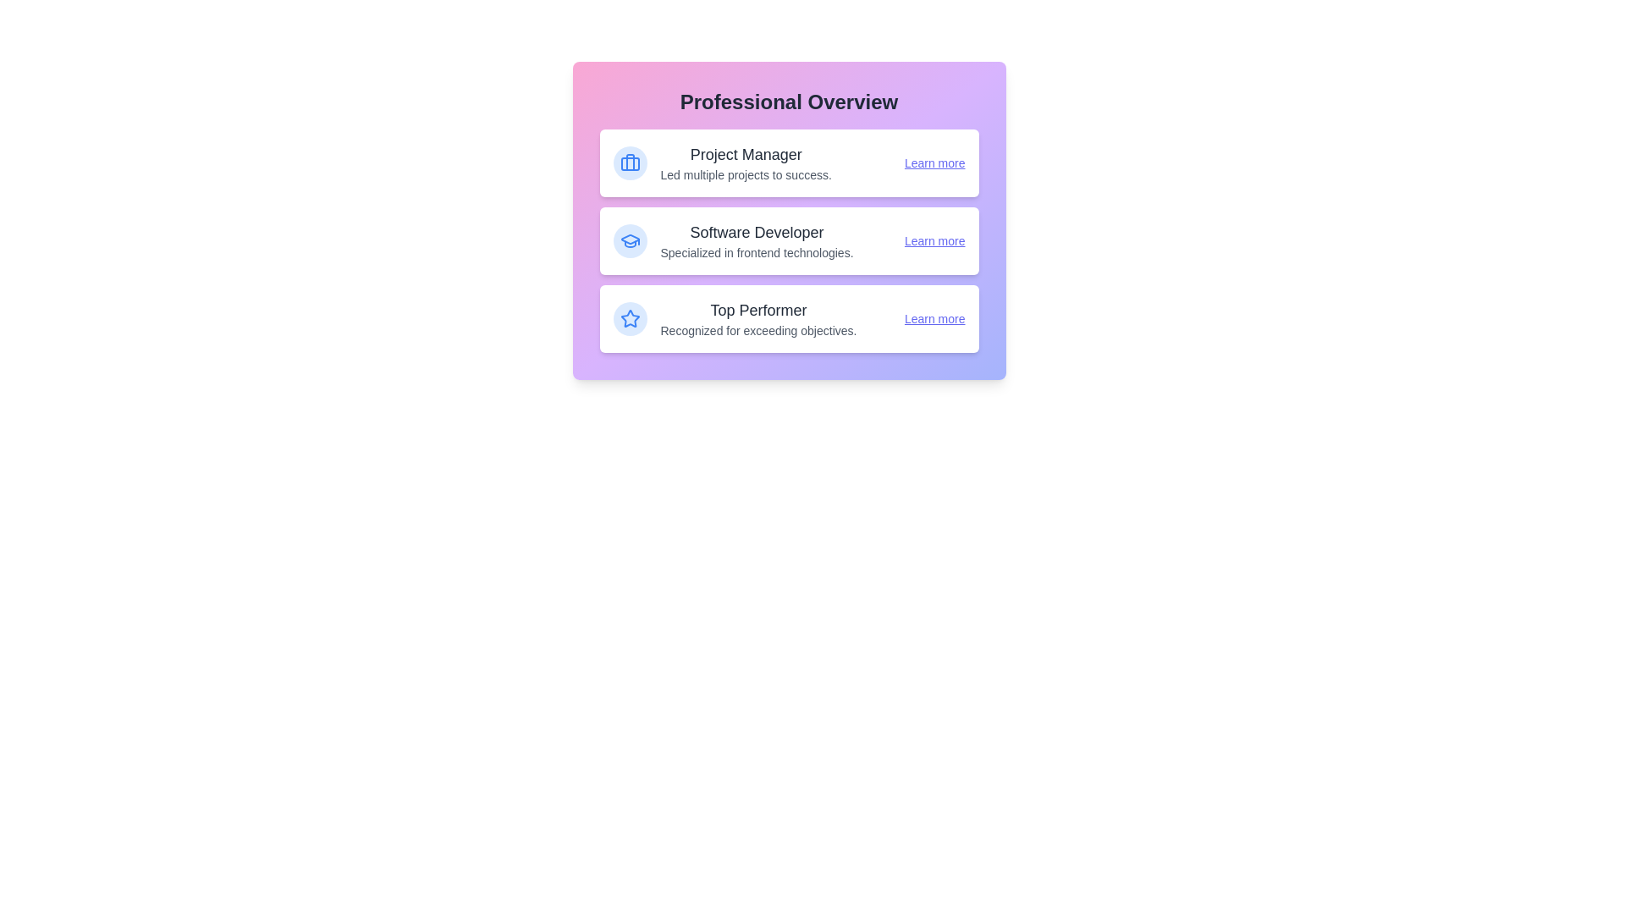  Describe the element at coordinates (788, 319) in the screenshot. I see `the profile card for Top Performer` at that location.